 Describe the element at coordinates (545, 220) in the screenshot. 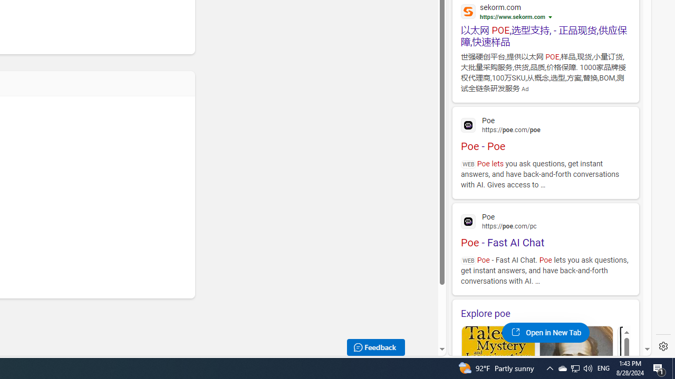

I see `'Poe'` at that location.